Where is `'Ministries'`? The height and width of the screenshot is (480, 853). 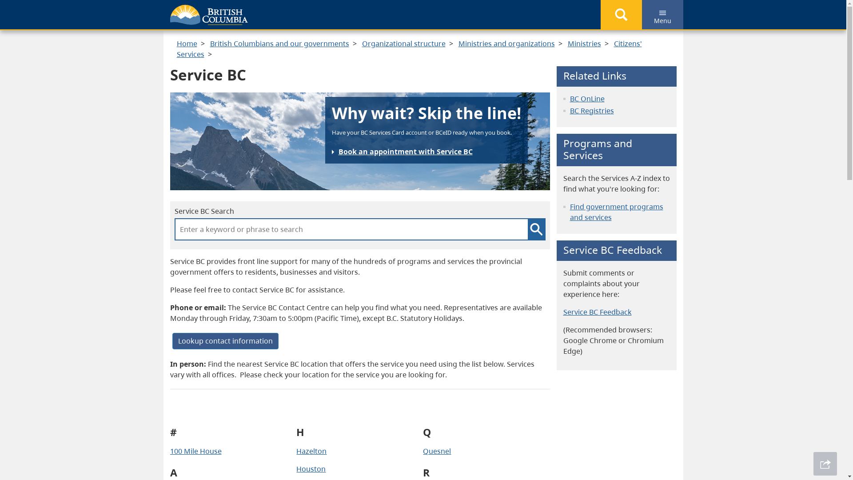
'Ministries' is located at coordinates (567, 43).